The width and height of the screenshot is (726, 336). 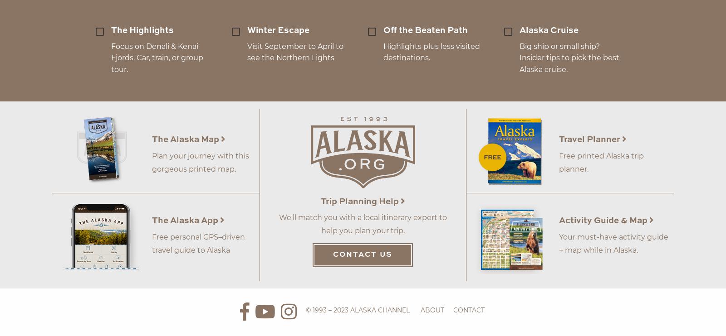 What do you see at coordinates (519, 30) in the screenshot?
I see `'Alaska Cruise'` at bounding box center [519, 30].